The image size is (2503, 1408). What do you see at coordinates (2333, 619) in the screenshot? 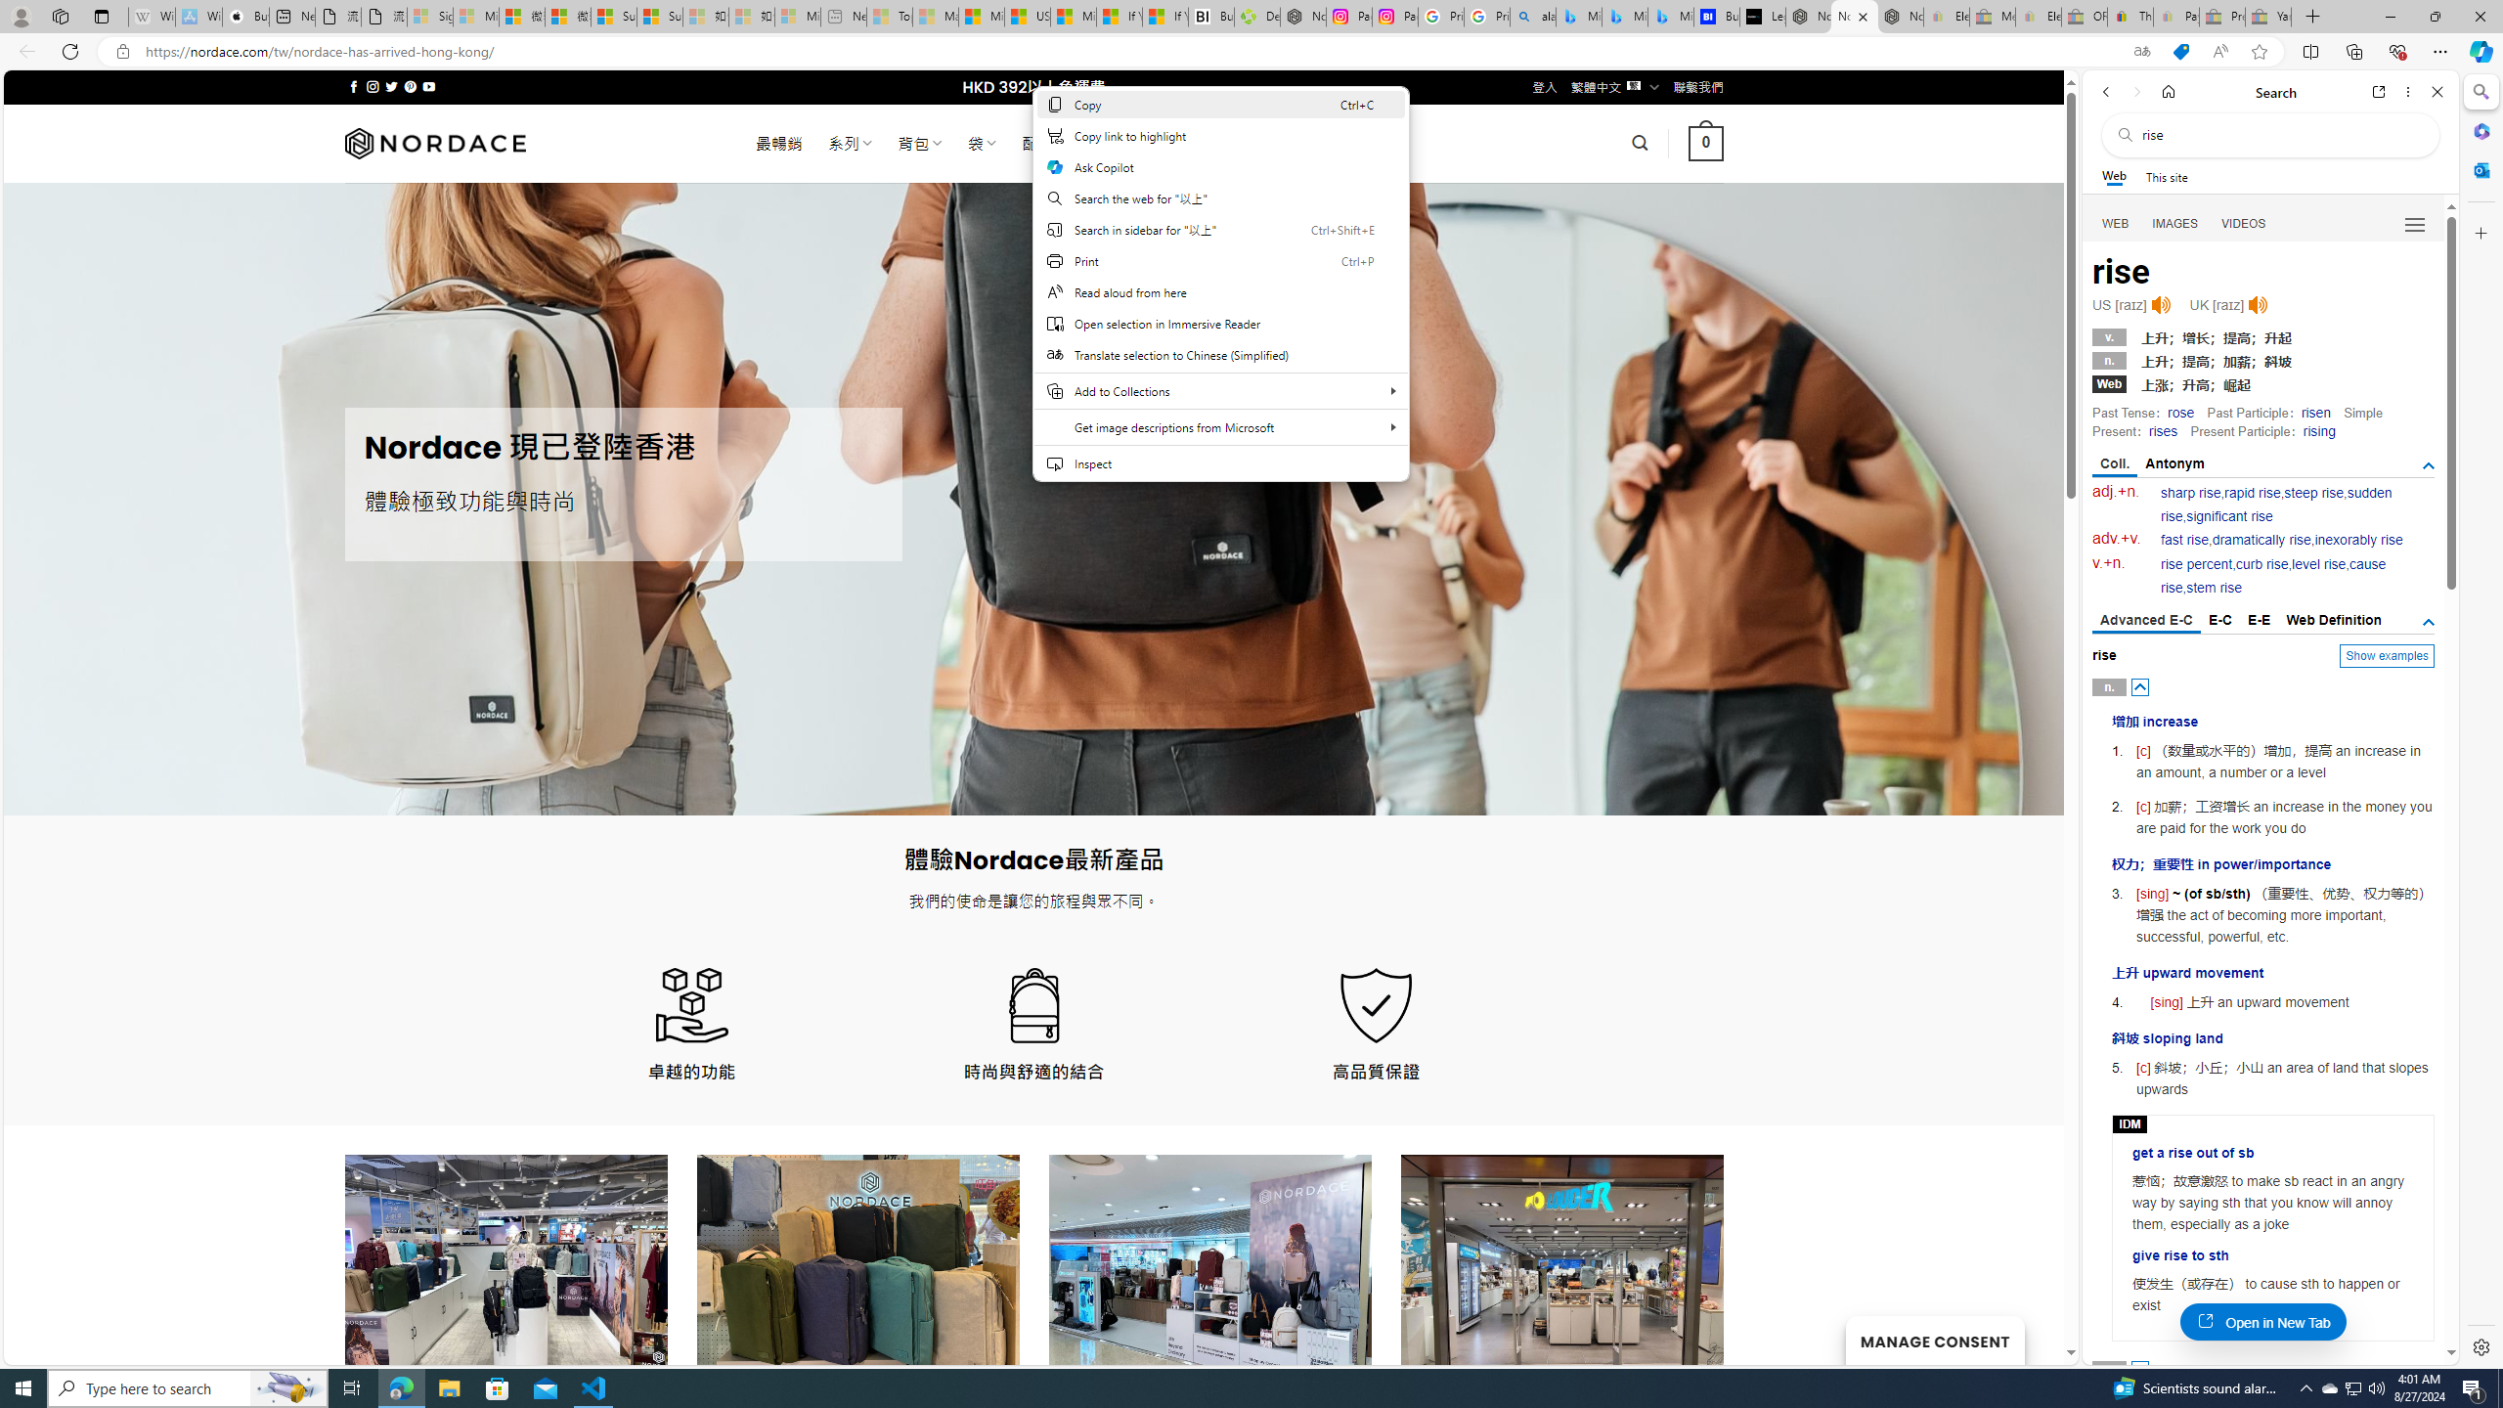
I see `'Web Definition'` at bounding box center [2333, 619].